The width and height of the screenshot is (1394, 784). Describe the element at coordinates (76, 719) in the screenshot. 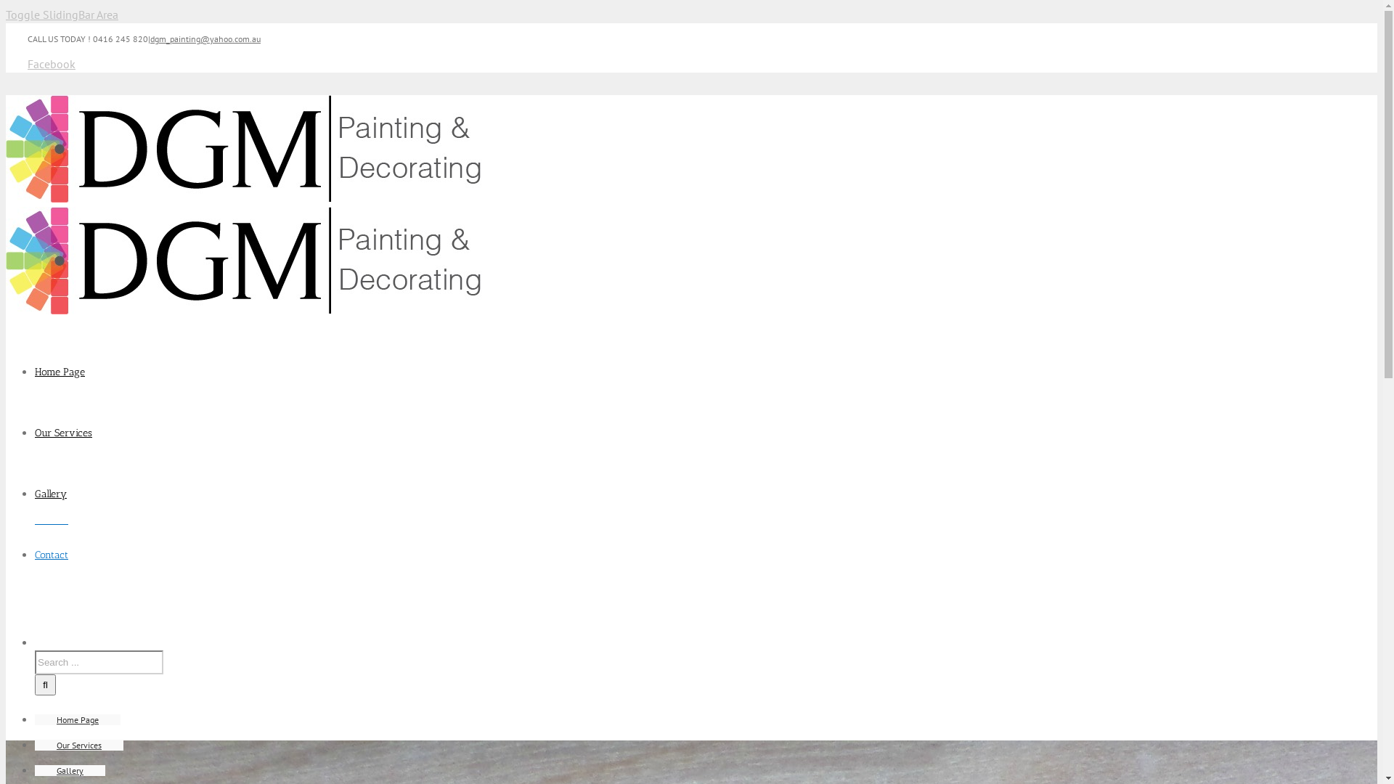

I see `'Home Page'` at that location.